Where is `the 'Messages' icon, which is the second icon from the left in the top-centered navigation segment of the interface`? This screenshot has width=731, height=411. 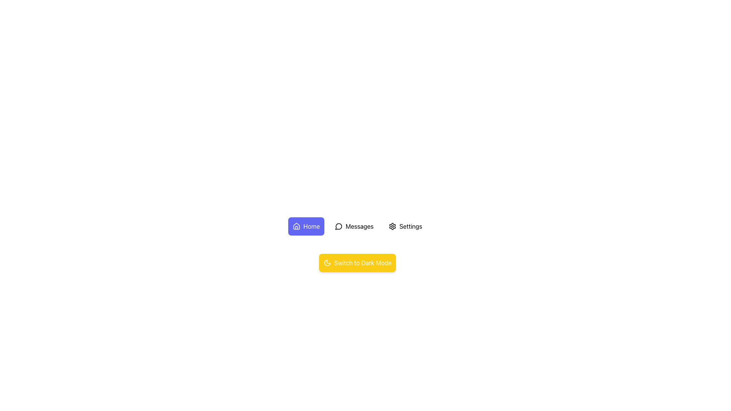
the 'Messages' icon, which is the second icon from the left in the top-centered navigation segment of the interface is located at coordinates (338, 226).